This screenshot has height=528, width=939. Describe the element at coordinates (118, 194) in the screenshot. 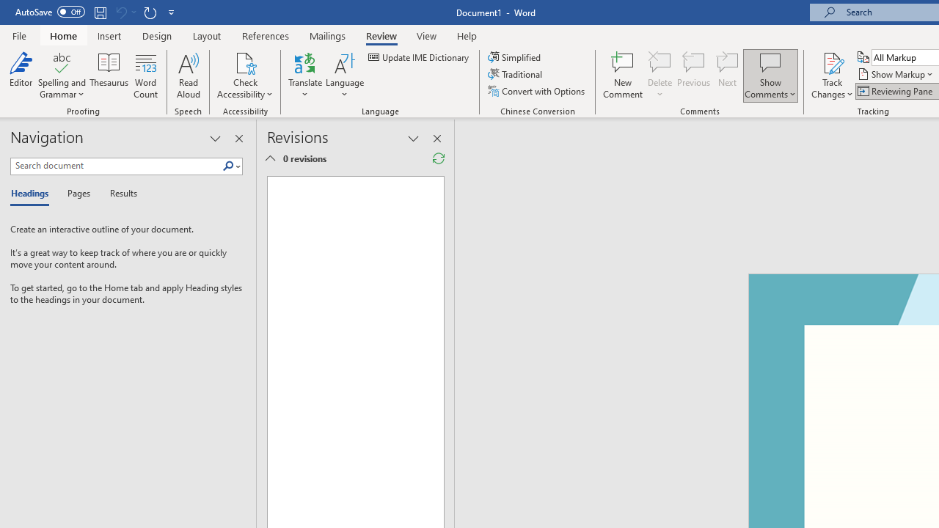

I see `'Results'` at that location.